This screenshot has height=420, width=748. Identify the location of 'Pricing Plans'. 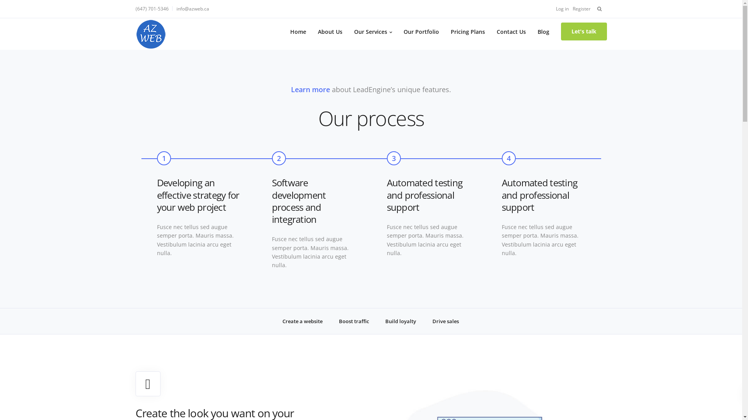
(467, 31).